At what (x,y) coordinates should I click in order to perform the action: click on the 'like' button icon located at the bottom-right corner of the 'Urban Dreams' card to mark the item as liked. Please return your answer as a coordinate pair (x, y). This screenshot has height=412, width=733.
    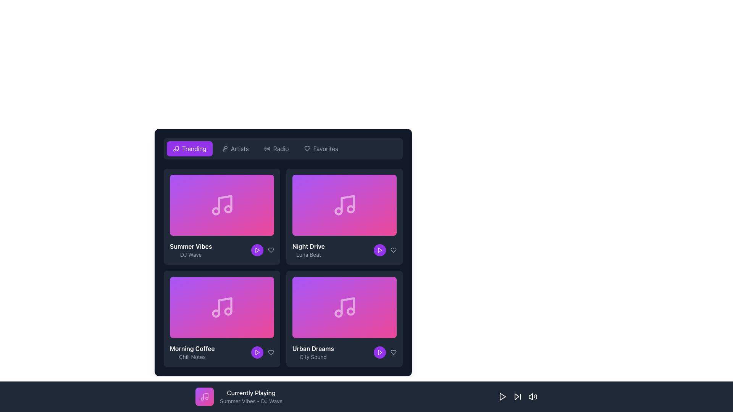
    Looking at the image, I should click on (394, 352).